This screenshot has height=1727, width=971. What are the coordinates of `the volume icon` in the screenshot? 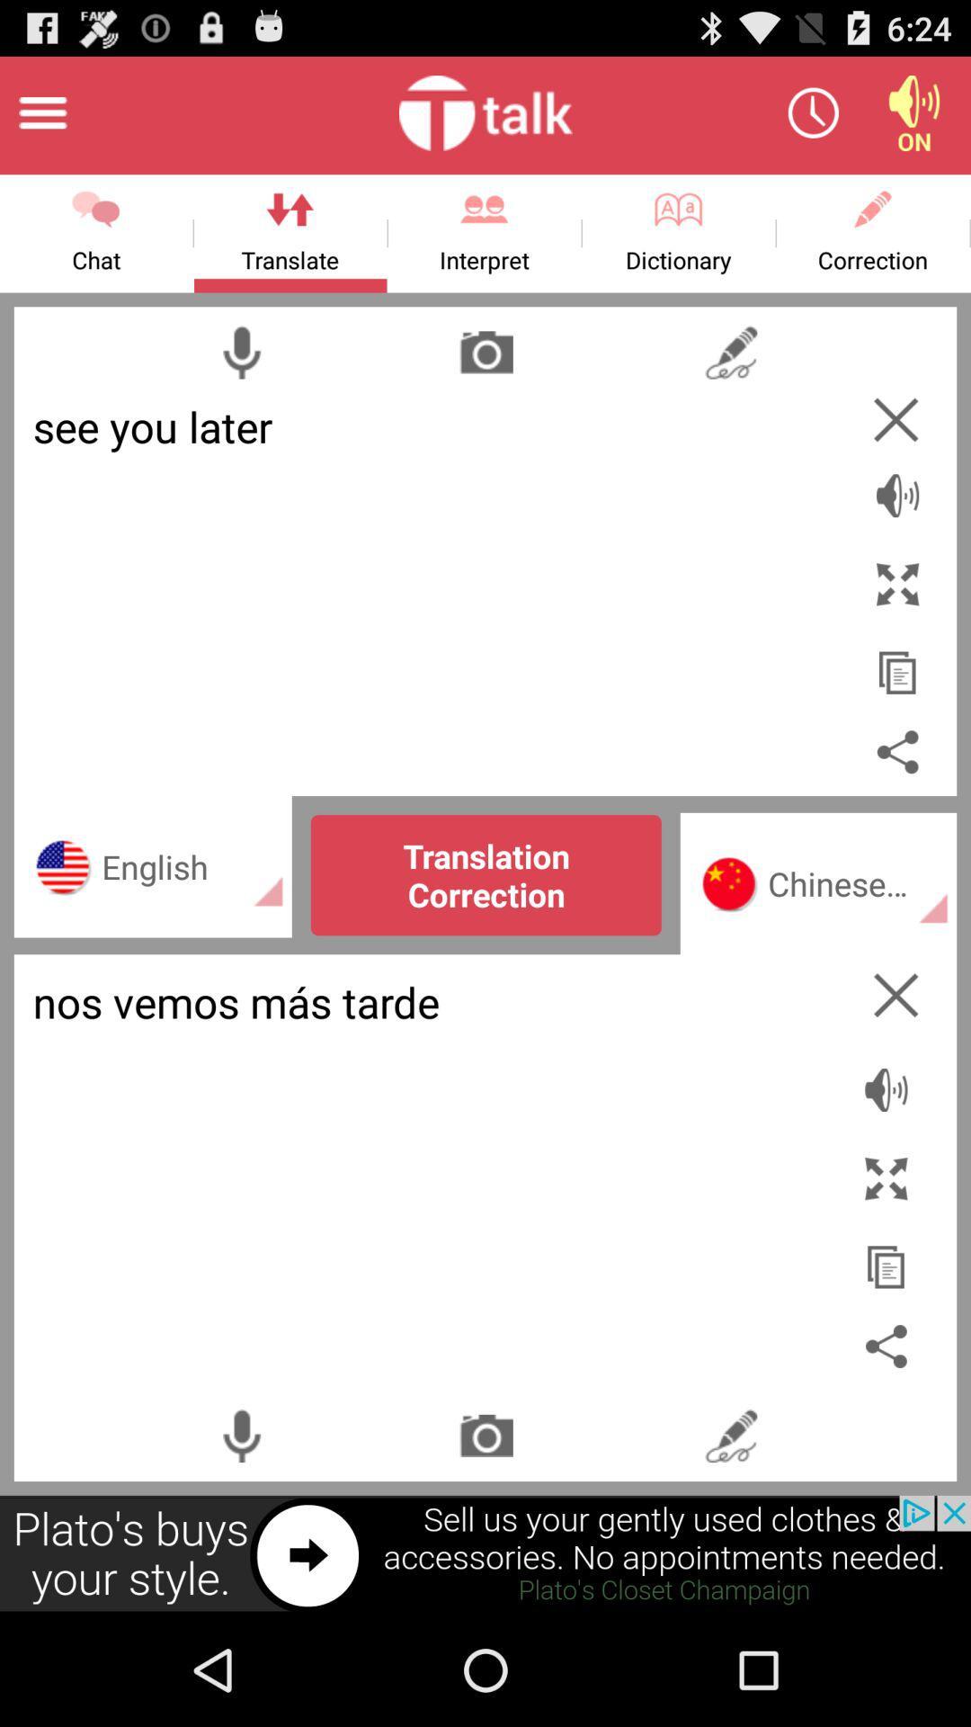 It's located at (890, 1156).